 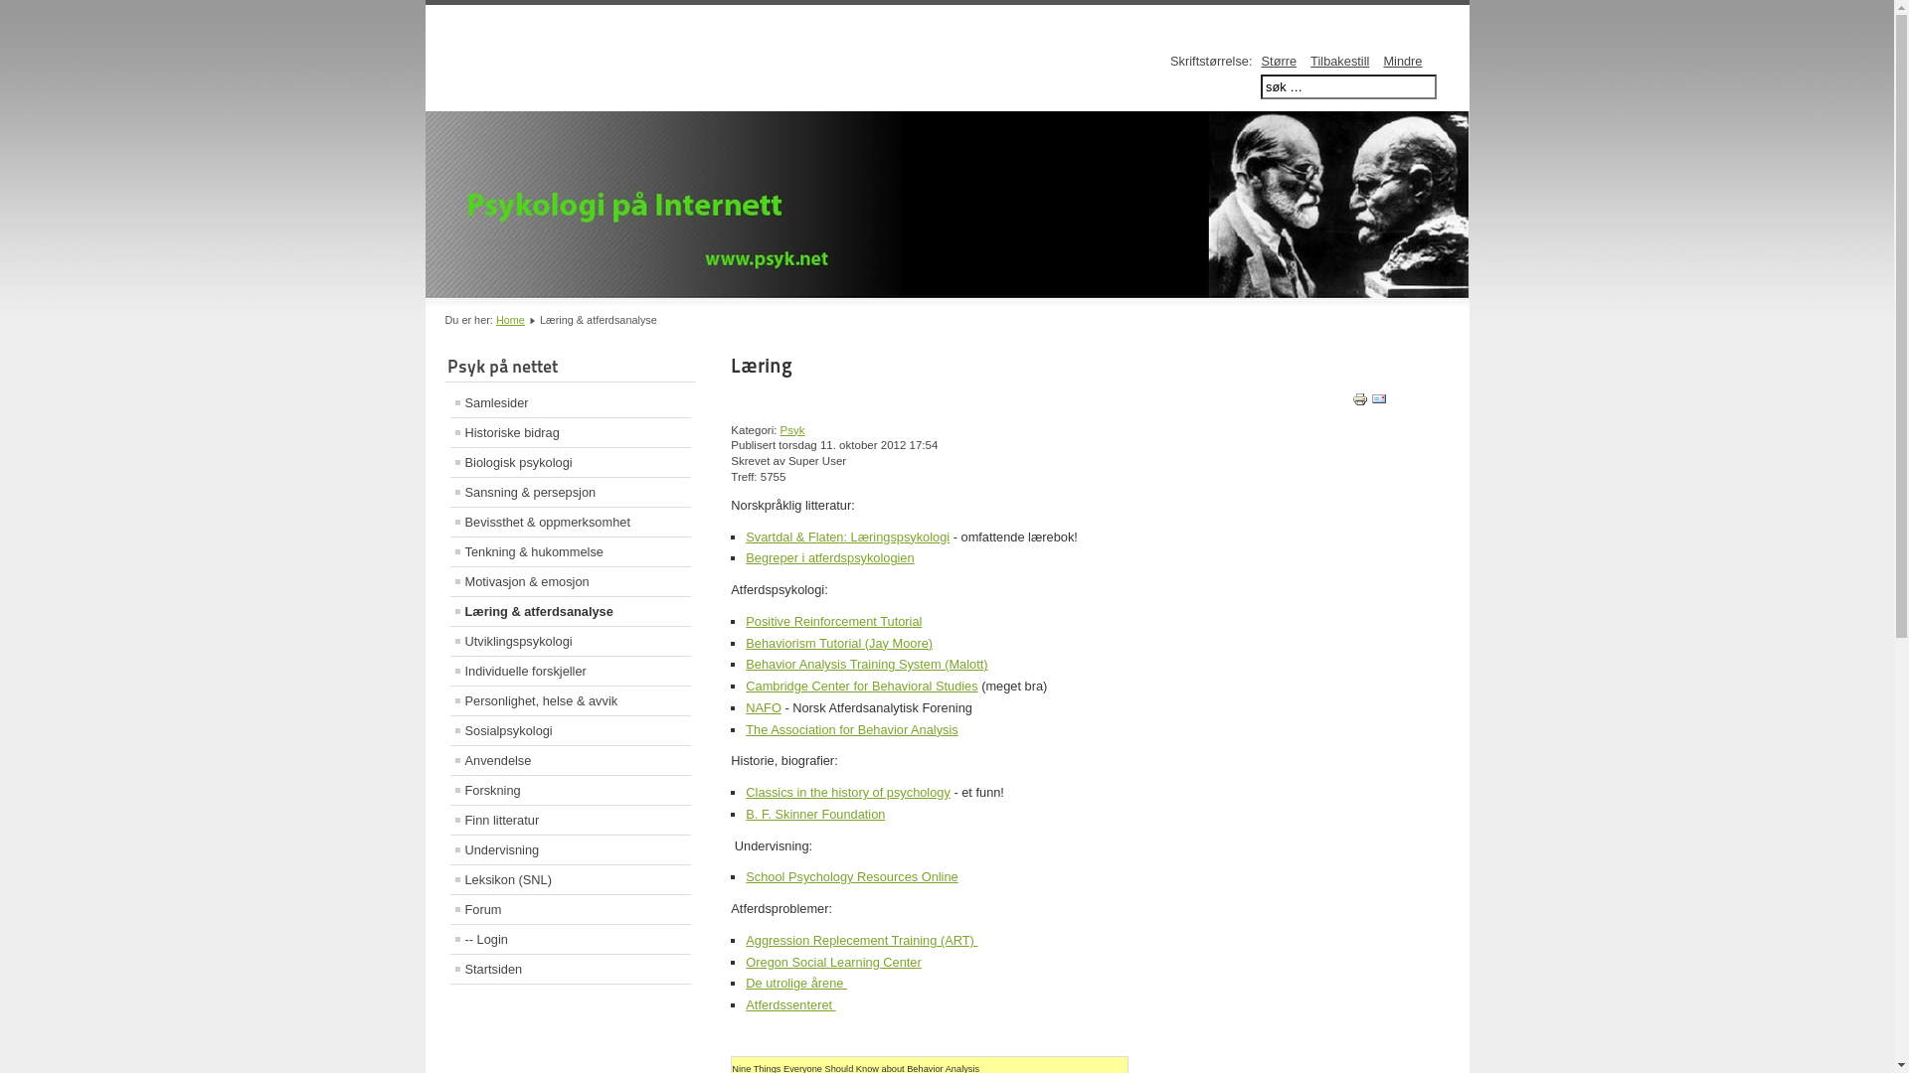 What do you see at coordinates (569, 820) in the screenshot?
I see `'Finn litteratur'` at bounding box center [569, 820].